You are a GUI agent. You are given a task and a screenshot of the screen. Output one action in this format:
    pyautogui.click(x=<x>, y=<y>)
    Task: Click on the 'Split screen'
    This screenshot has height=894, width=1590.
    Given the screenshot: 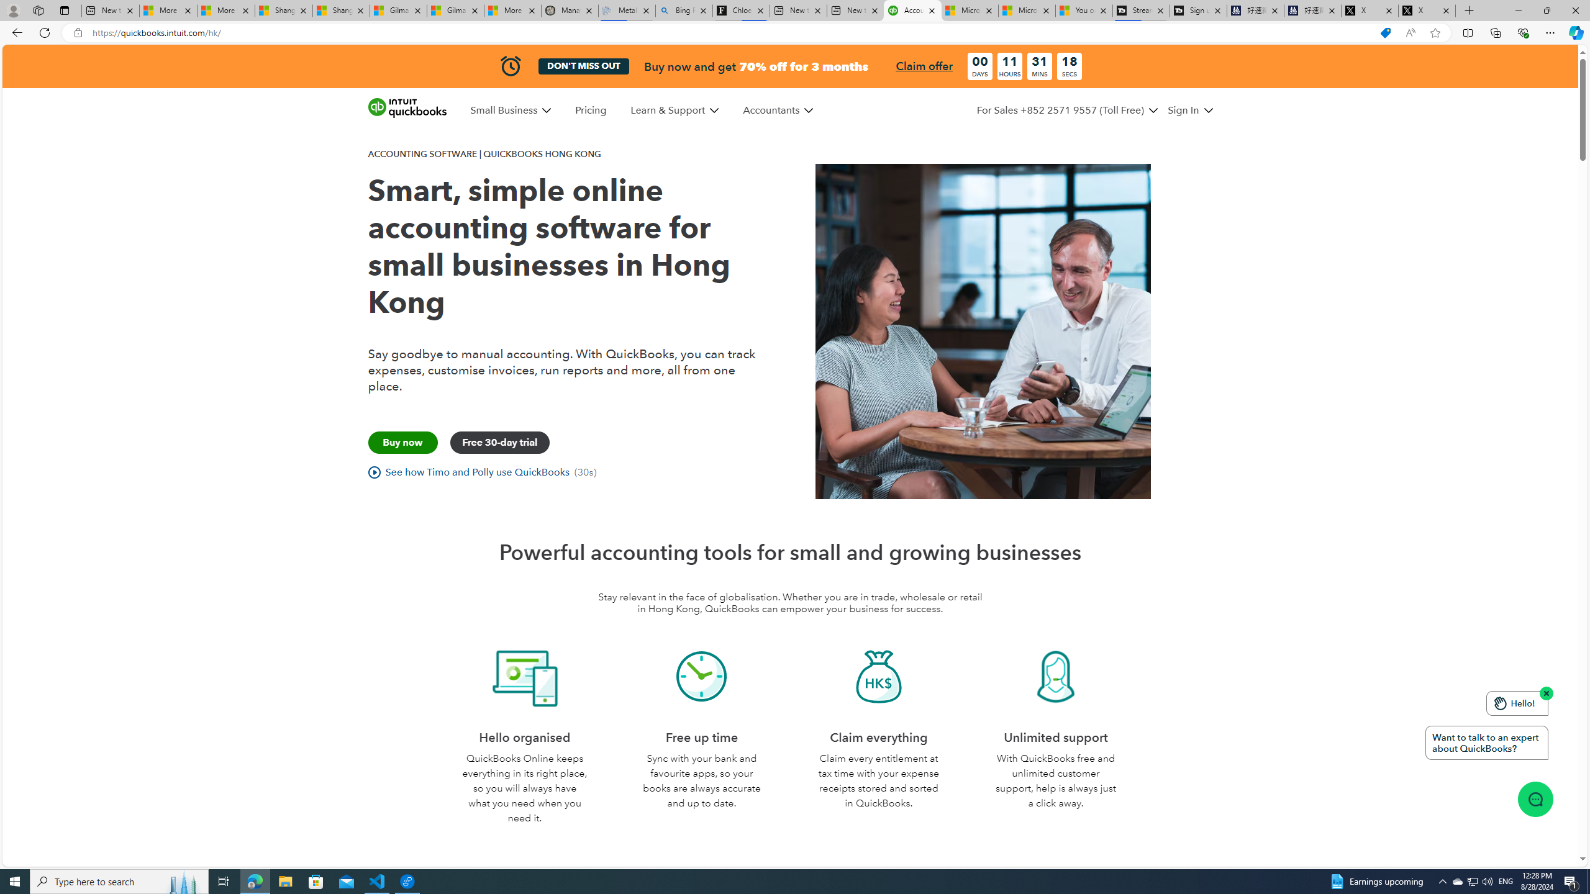 What is the action you would take?
    pyautogui.click(x=1468, y=32)
    